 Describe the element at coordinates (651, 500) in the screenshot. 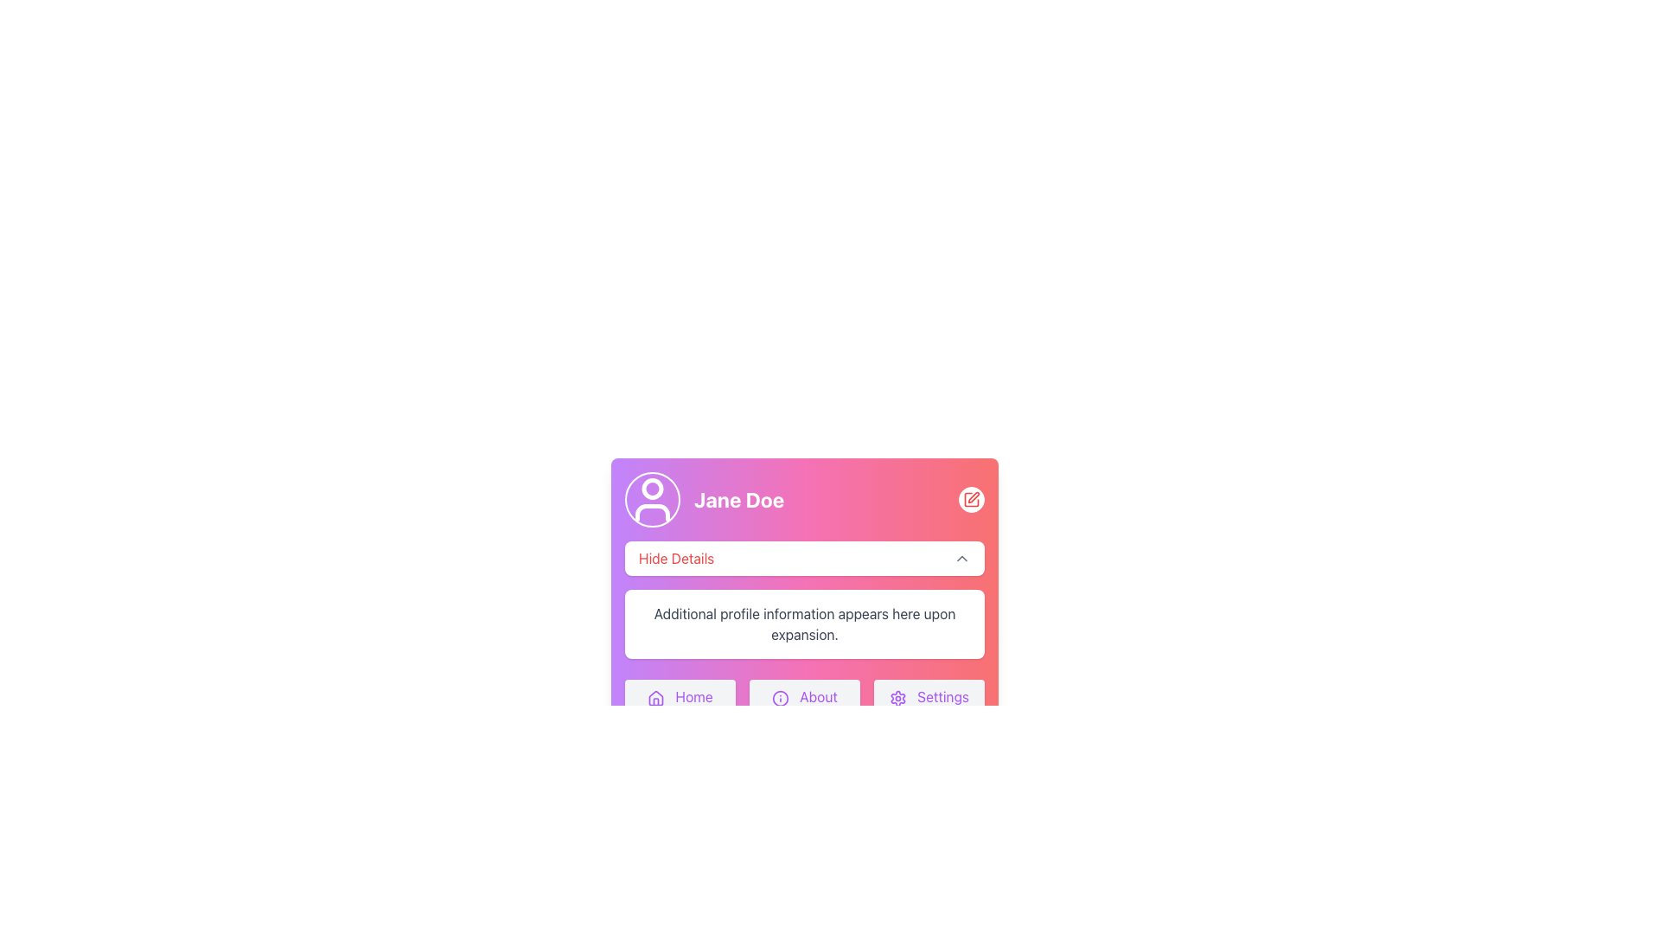

I see `the user profile icon located at the top-left corner of the user information card, which displays the user's account picture` at that location.